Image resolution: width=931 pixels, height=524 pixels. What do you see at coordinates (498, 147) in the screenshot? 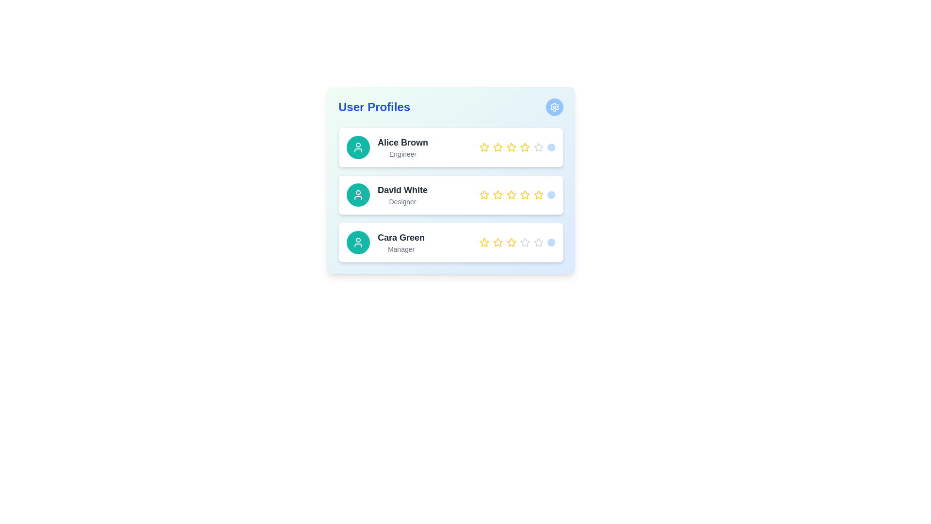
I see `the second rating star icon for user 'Alice Brown' in the first card of the user profile list` at bounding box center [498, 147].